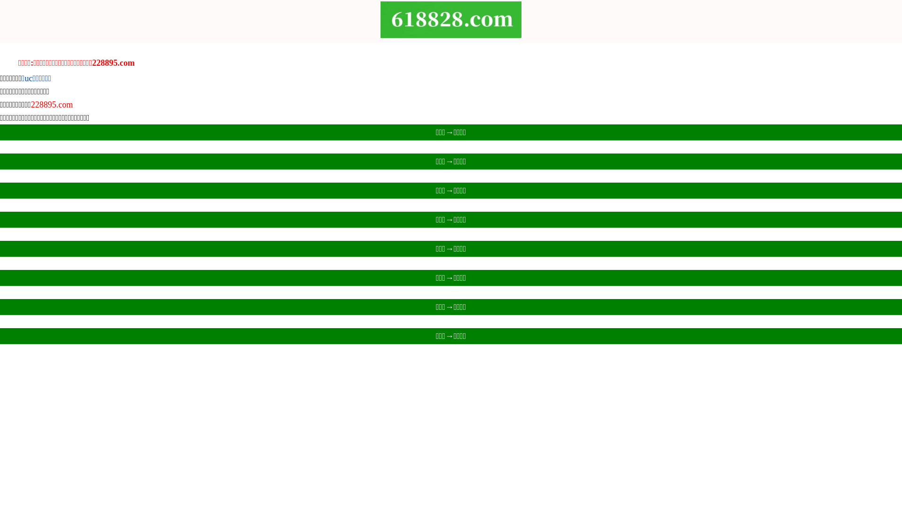 Image resolution: width=902 pixels, height=507 pixels. I want to click on '228895.com', so click(51, 105).